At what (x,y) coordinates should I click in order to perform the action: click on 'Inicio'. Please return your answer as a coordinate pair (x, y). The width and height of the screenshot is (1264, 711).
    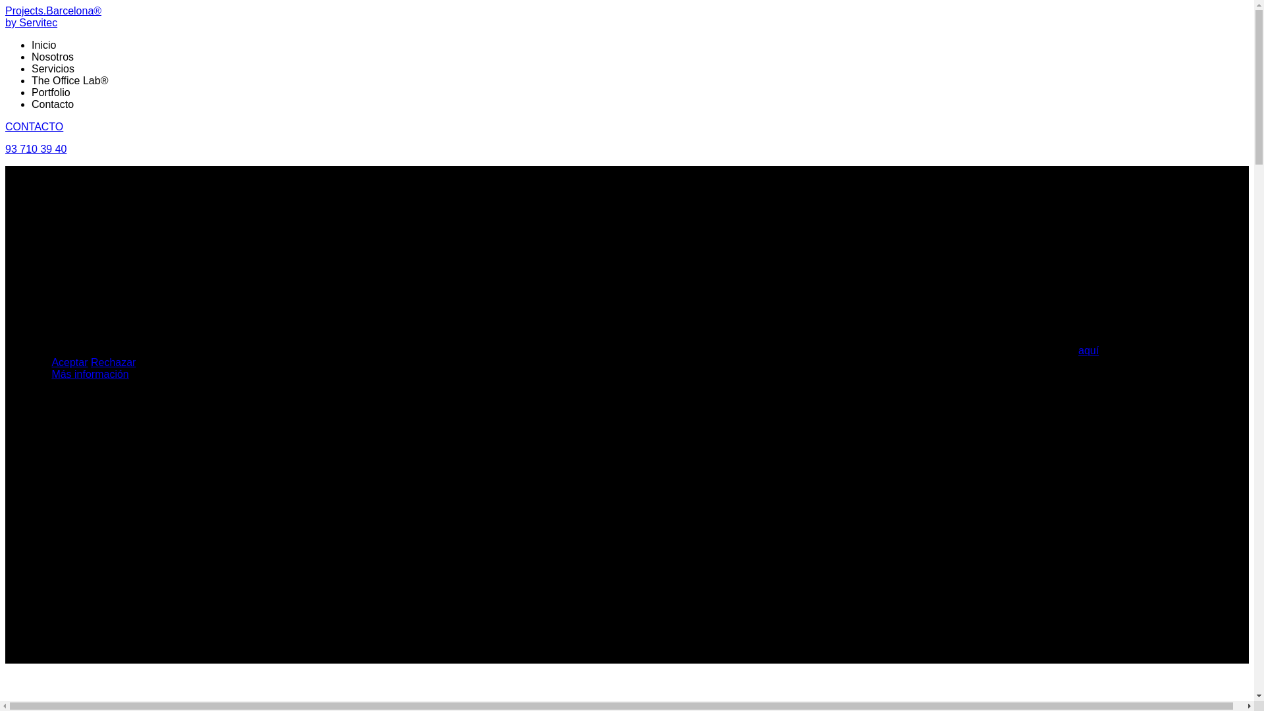
    Looking at the image, I should click on (43, 44).